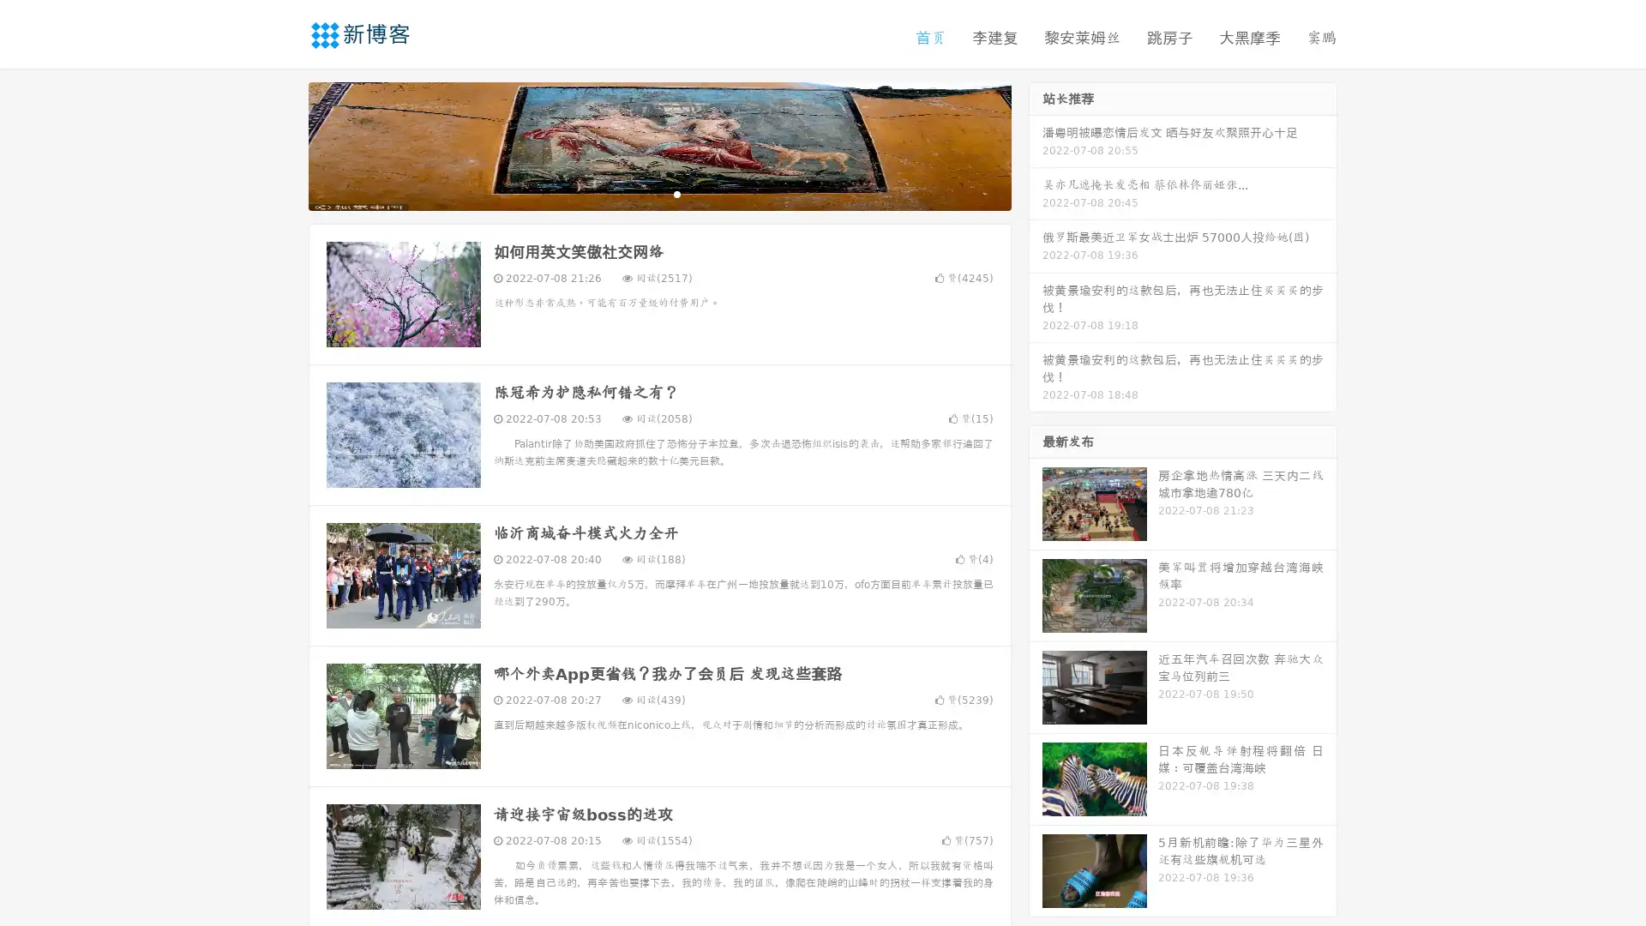 This screenshot has height=926, width=1646. I want to click on Go to slide 1, so click(641, 193).